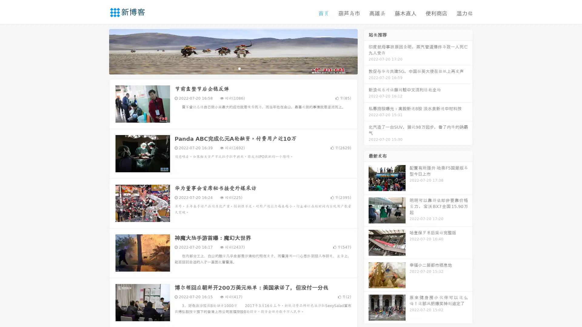 This screenshot has height=327, width=582. Describe the element at coordinates (227, 68) in the screenshot. I see `Go to slide 1` at that location.